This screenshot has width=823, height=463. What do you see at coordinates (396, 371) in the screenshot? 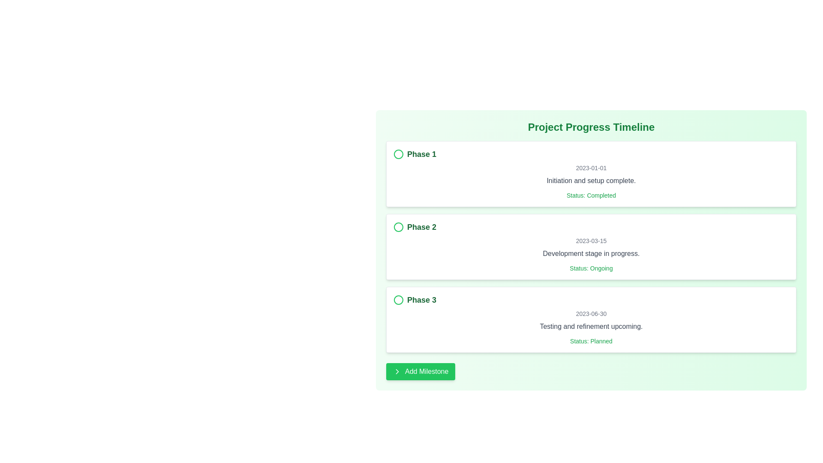
I see `the chevron arrow icon pointing to the right, which is part of the 'Add Milestone' button` at bounding box center [396, 371].